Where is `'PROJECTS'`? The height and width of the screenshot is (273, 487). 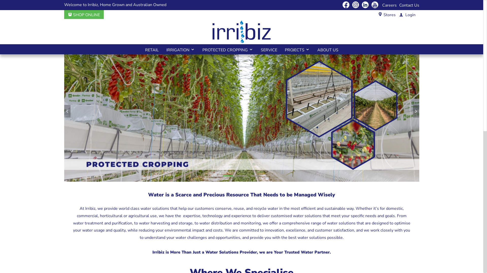 'PROJECTS' is located at coordinates (281, 49).